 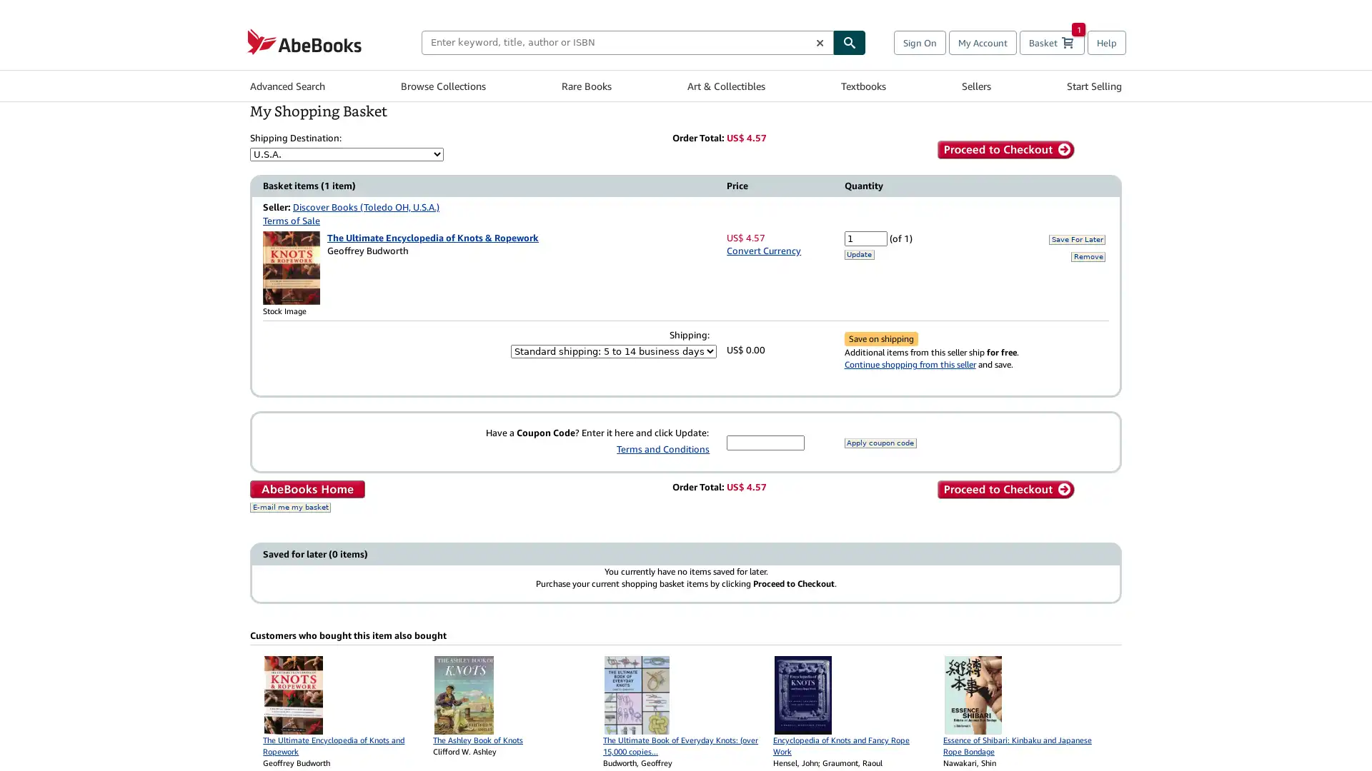 I want to click on Apply quantity update, so click(x=857, y=253).